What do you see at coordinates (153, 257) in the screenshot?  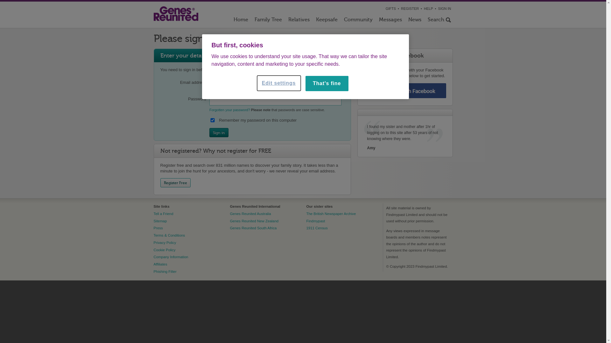 I see `'Company Information'` at bounding box center [153, 257].